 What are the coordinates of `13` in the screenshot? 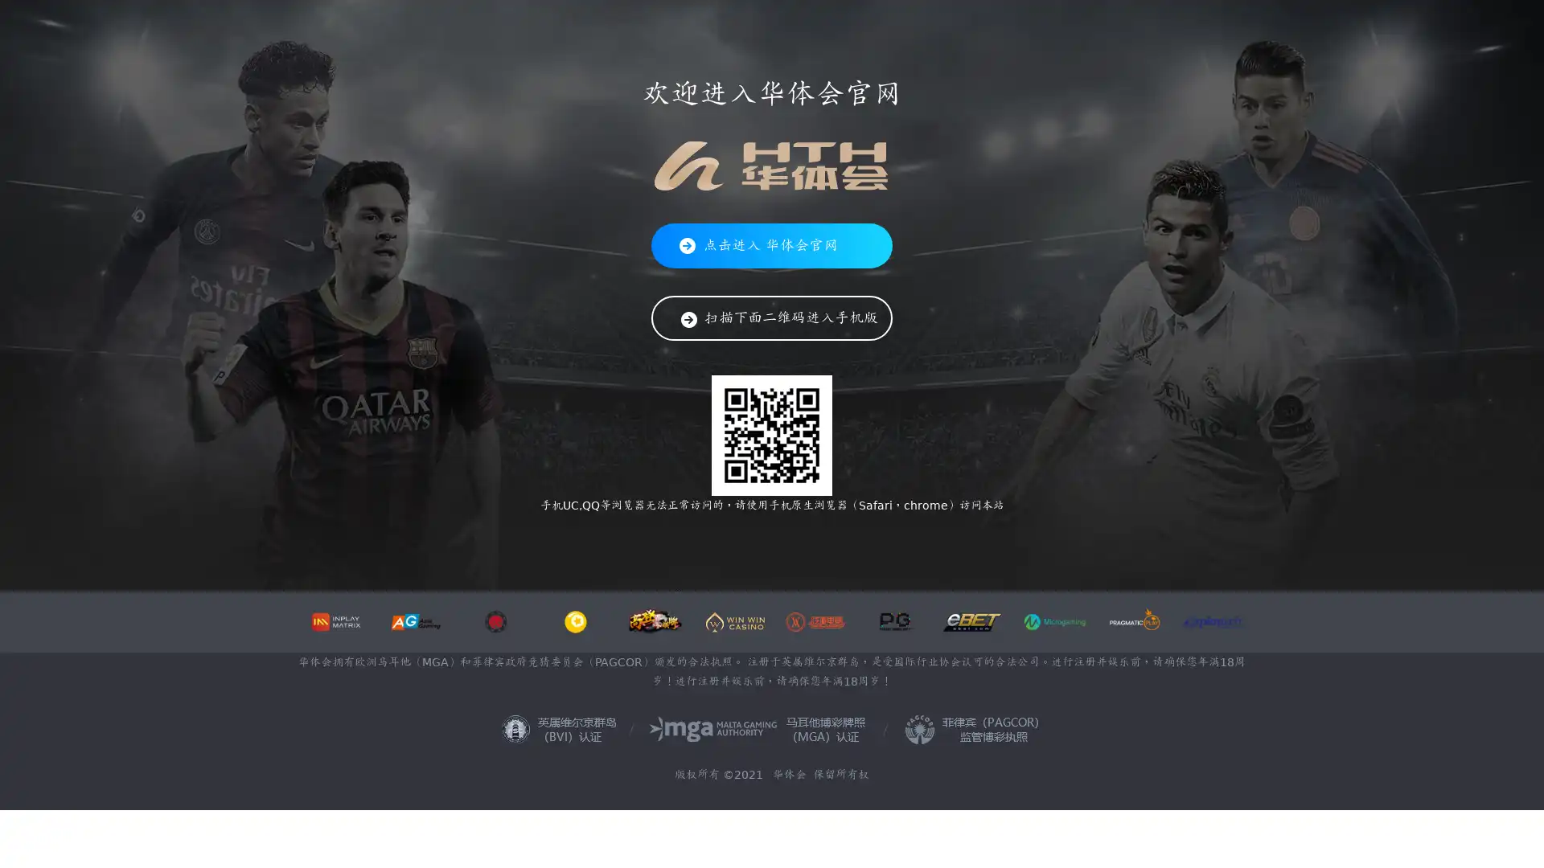 It's located at (844, 535).